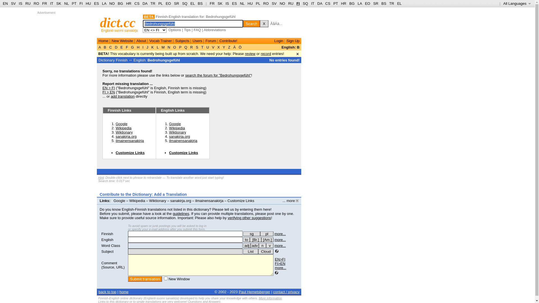 The height and width of the screenshot is (303, 539). I want to click on 'guidelines', so click(181, 214).